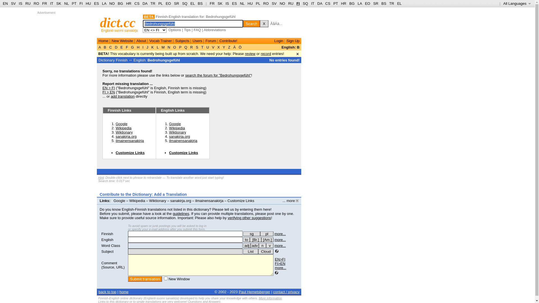 The height and width of the screenshot is (303, 539). I want to click on 'guidelines', so click(181, 214).